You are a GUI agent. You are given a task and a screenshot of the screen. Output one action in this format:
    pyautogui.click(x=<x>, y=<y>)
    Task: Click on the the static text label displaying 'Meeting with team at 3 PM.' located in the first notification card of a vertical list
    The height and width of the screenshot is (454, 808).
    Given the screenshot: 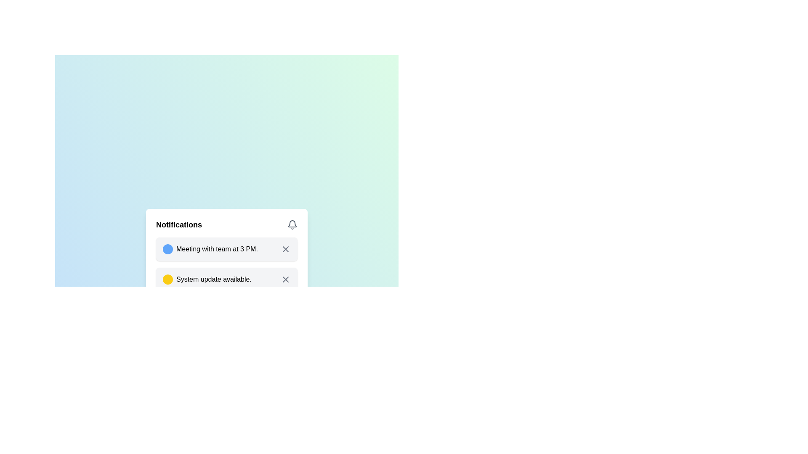 What is the action you would take?
    pyautogui.click(x=217, y=249)
    